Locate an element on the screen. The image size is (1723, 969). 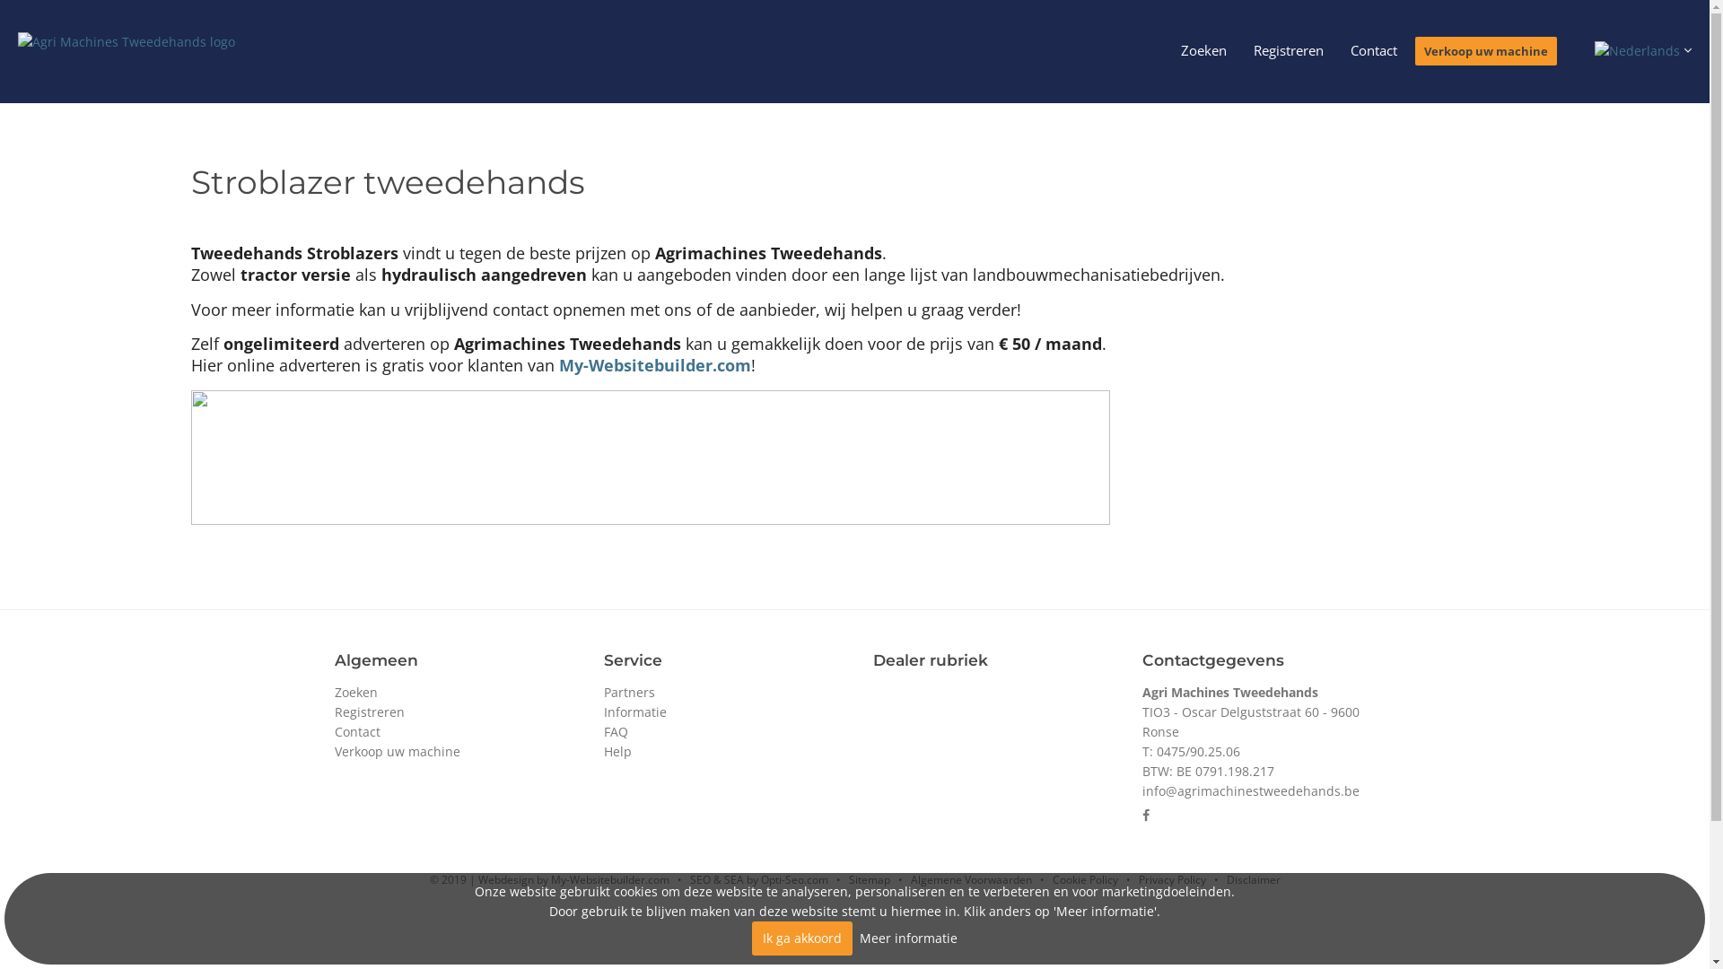
'My-Websitebuilder.com' is located at coordinates (550, 878).